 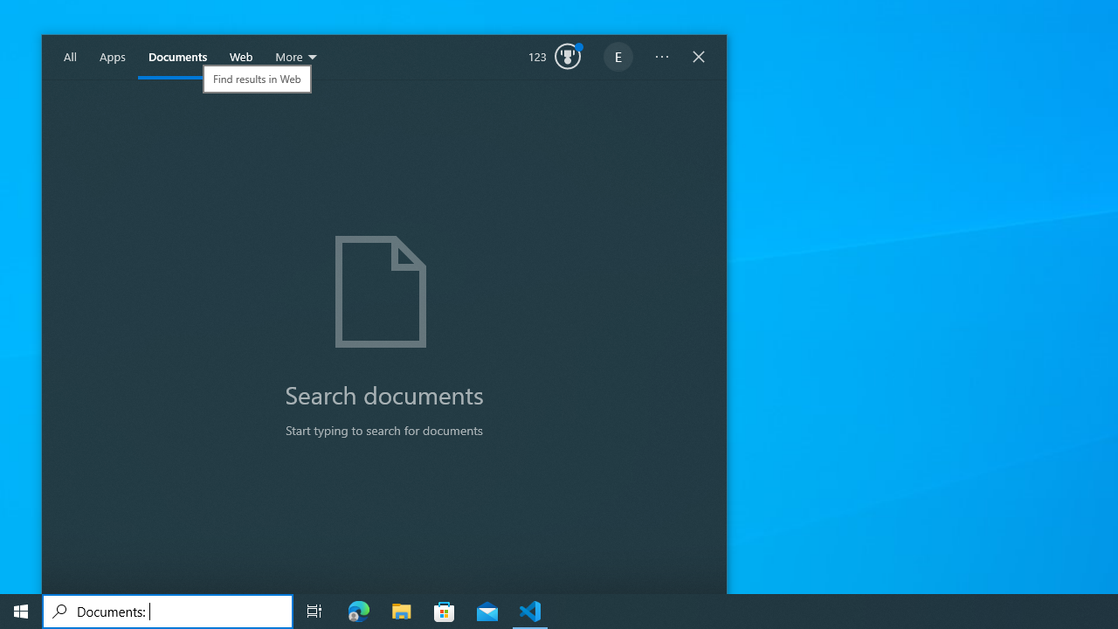 I want to click on 'More', so click(x=298, y=57).